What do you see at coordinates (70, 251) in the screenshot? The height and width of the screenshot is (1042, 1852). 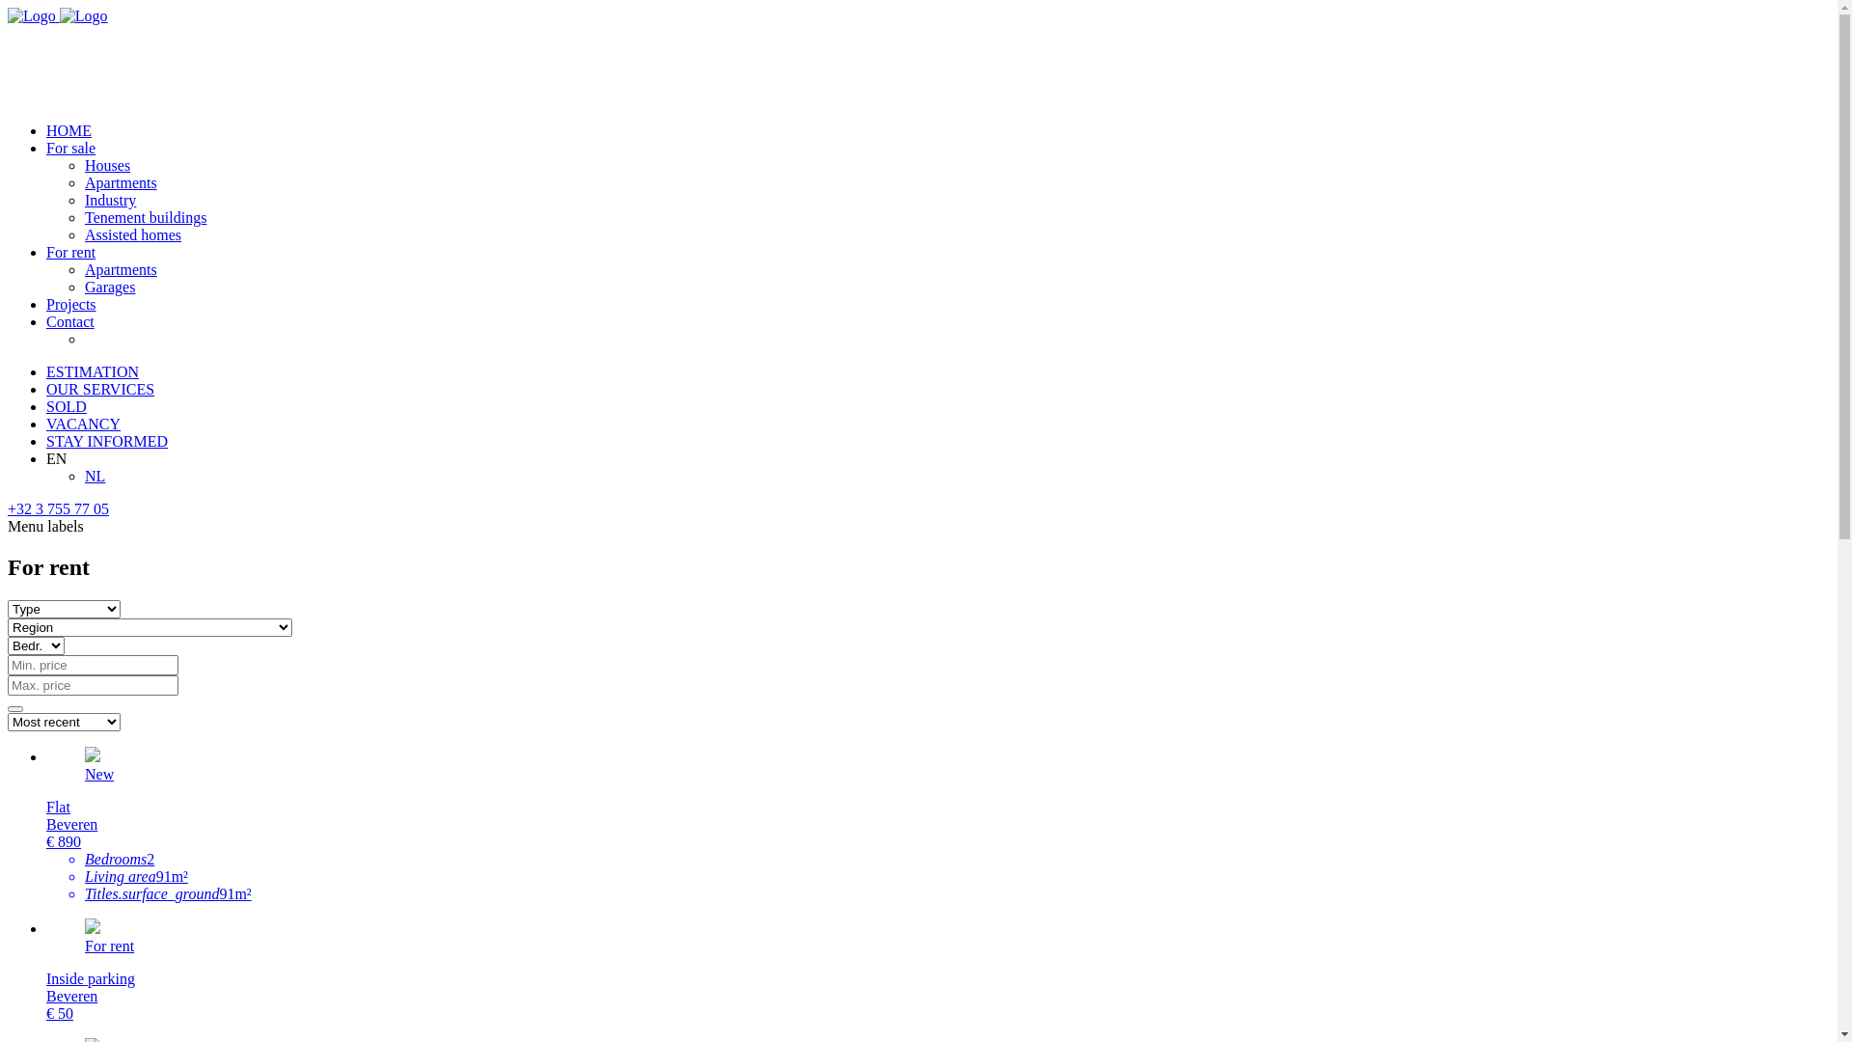 I see `'For rent'` at bounding box center [70, 251].